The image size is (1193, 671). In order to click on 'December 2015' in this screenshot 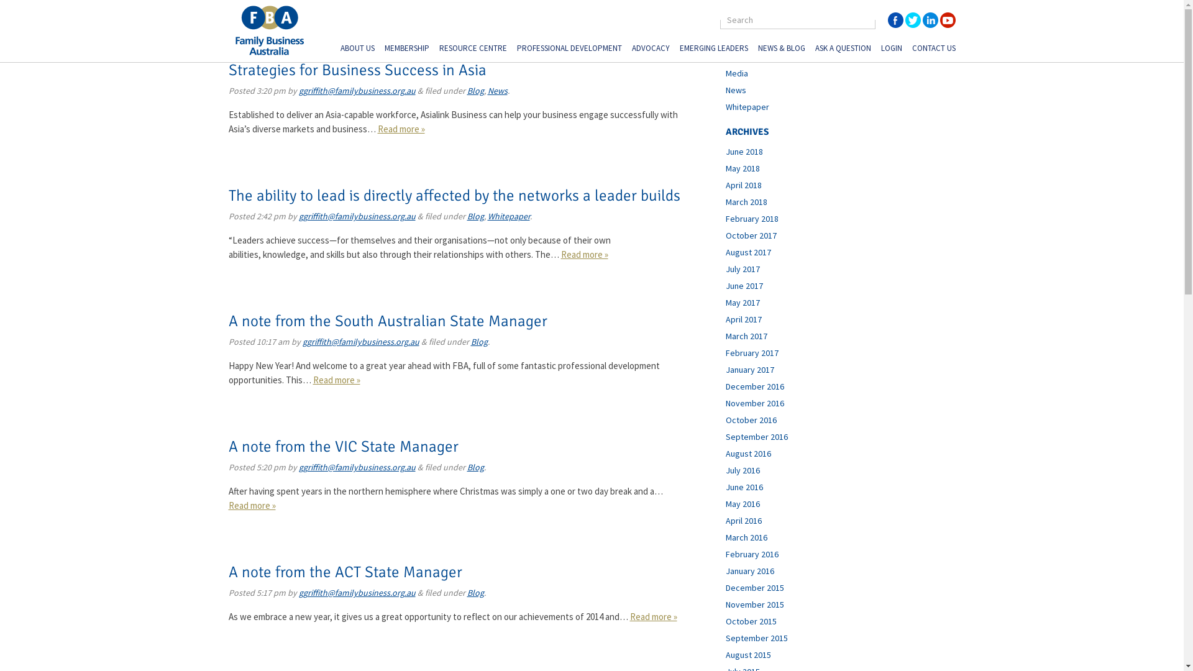, I will do `click(754, 587)`.